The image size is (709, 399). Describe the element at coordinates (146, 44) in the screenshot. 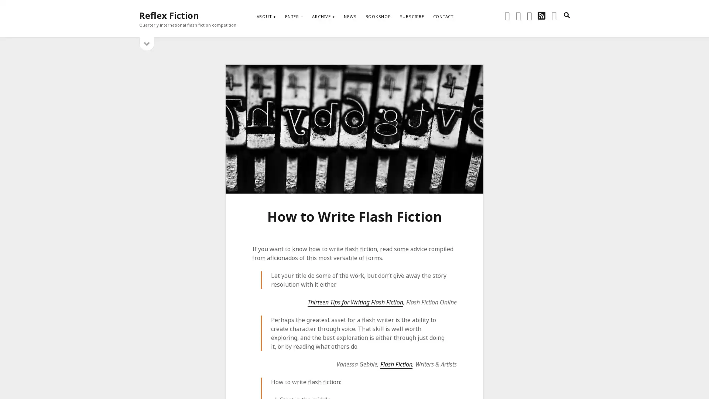

I see `open sidebar` at that location.